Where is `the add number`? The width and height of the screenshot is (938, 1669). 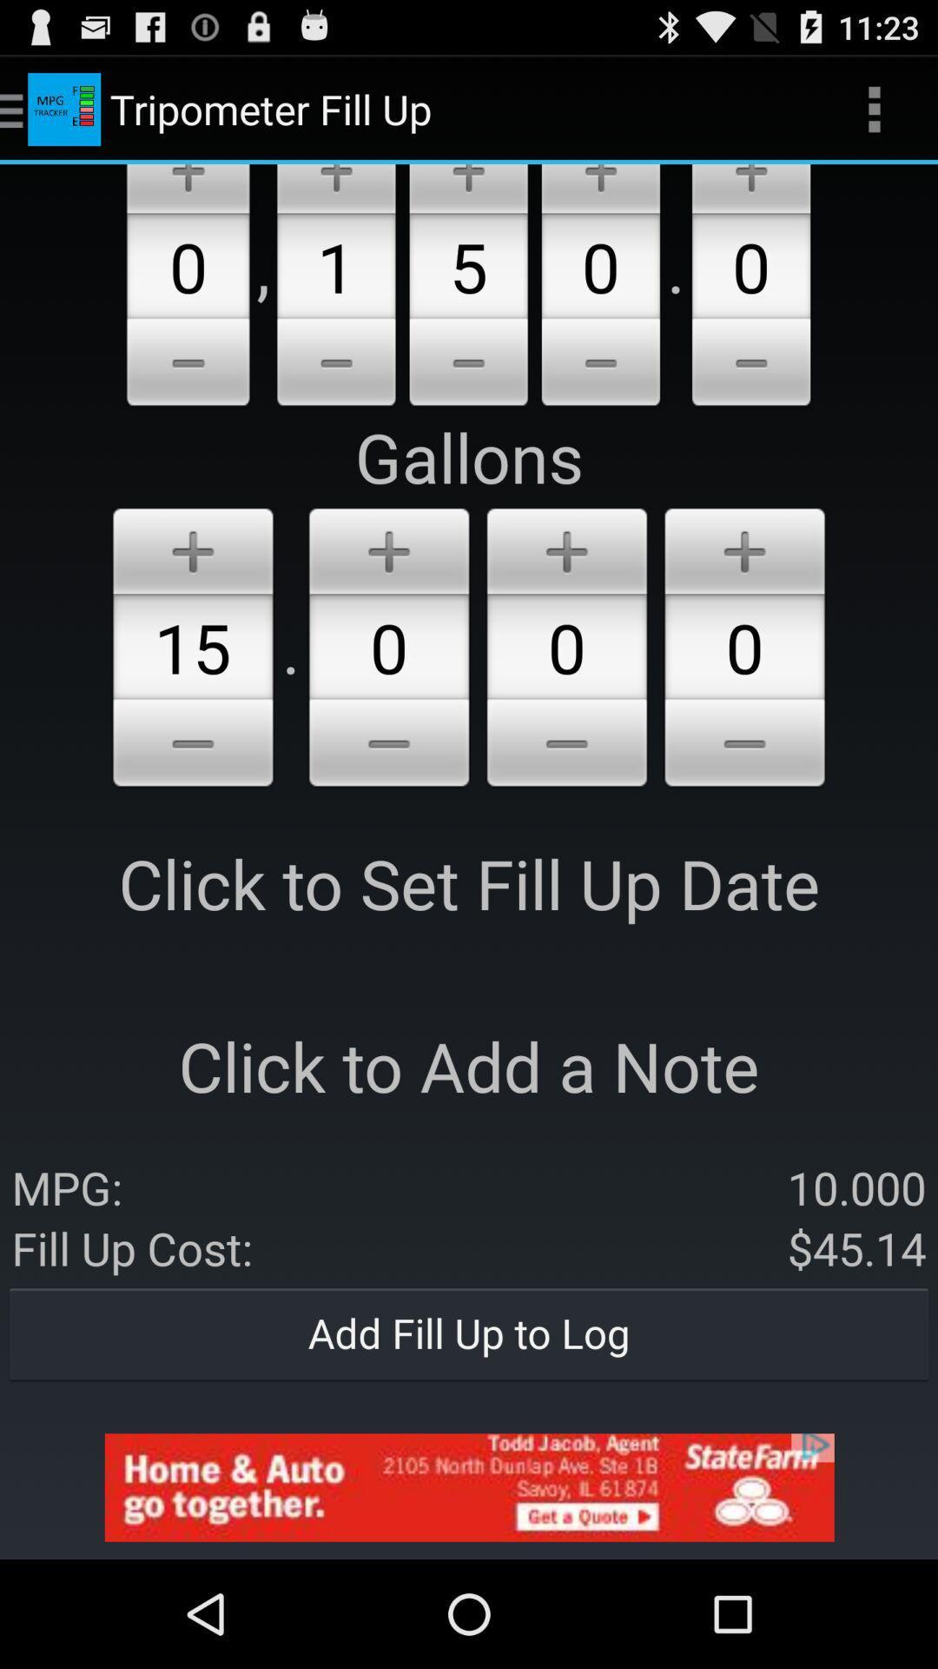
the add number is located at coordinates (566, 547).